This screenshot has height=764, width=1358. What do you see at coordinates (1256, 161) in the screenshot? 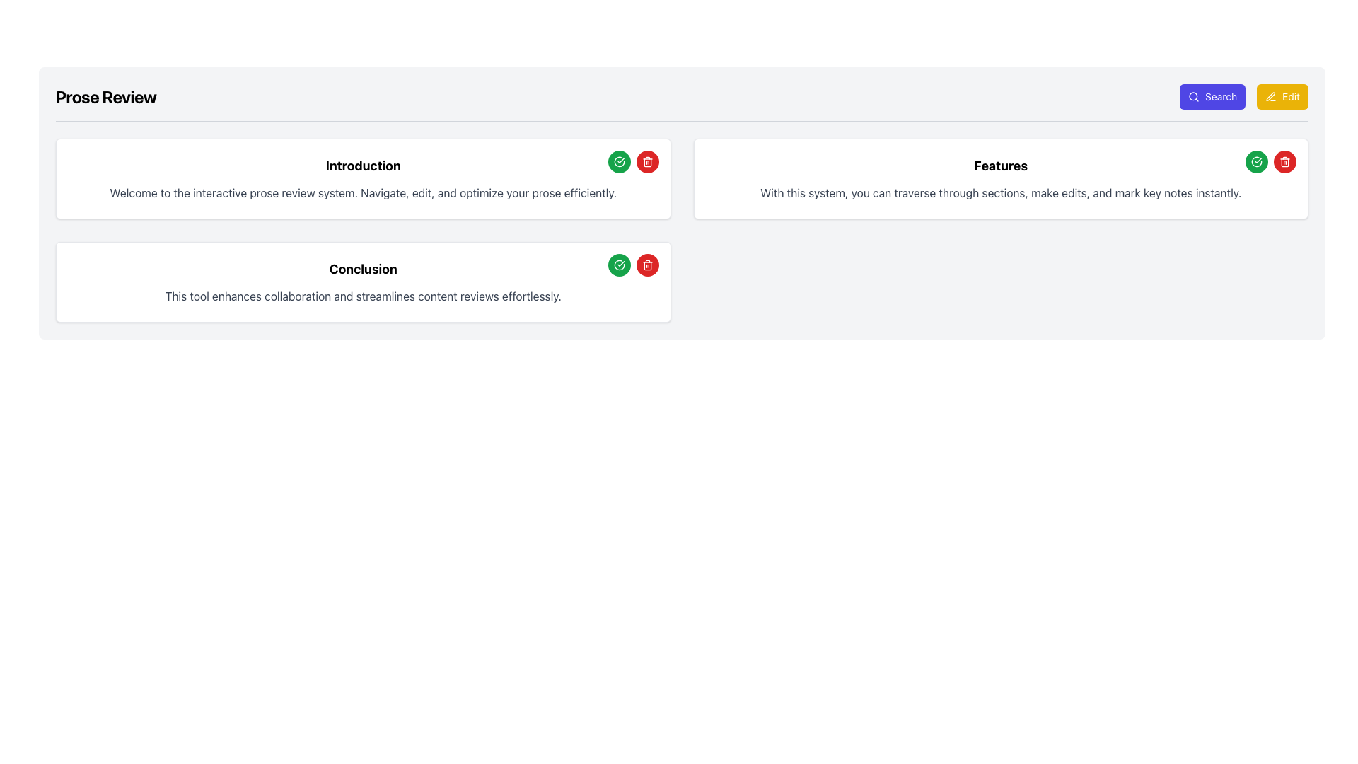
I see `the circular green button with a white checkmark icon located in the top-right area of the 'Features' section for keyboard navigation` at bounding box center [1256, 161].